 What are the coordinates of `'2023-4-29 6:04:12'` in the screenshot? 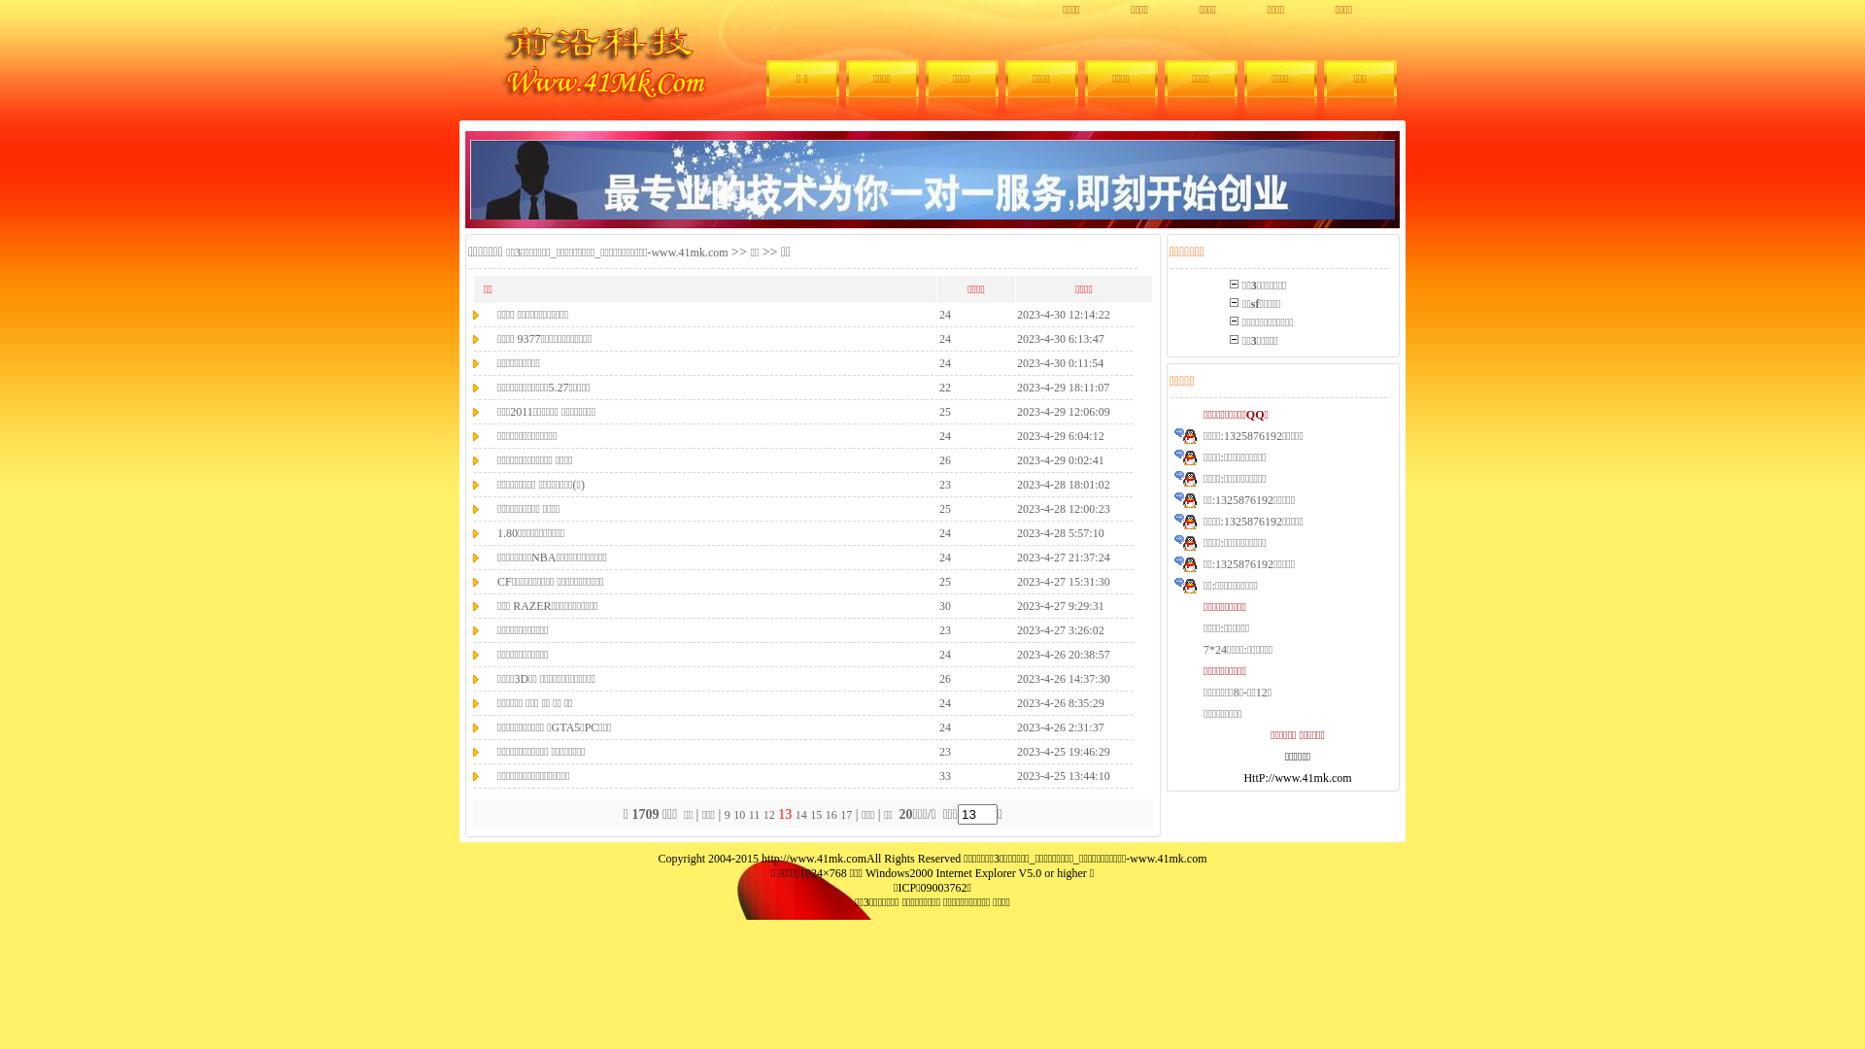 It's located at (1059, 434).